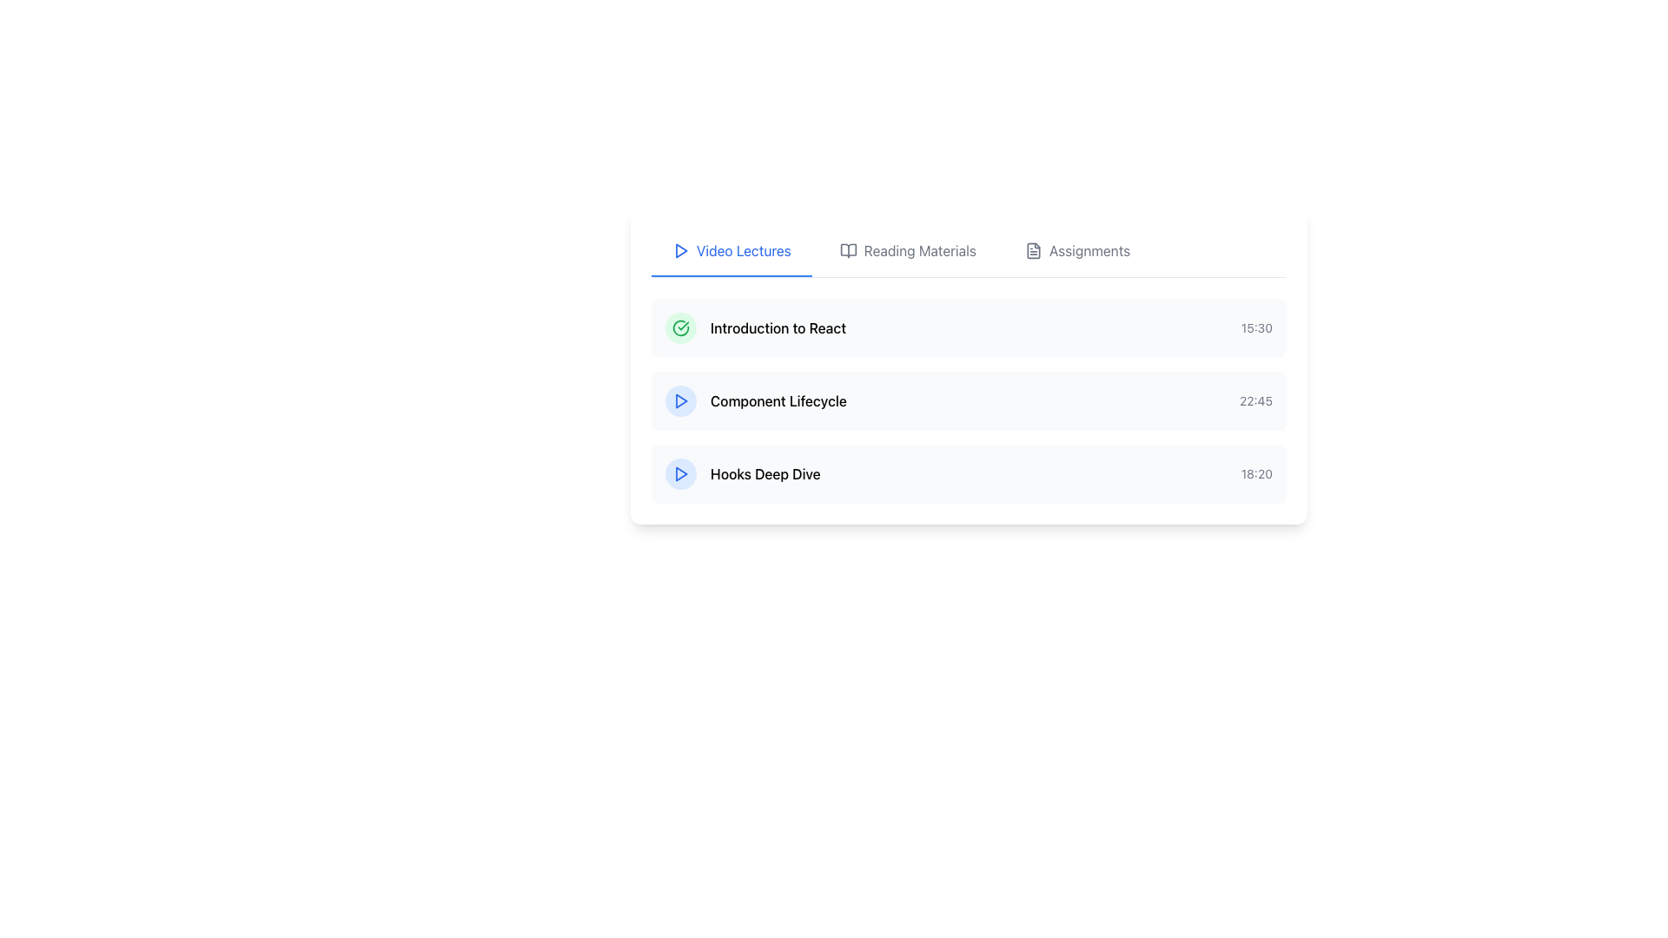  Describe the element at coordinates (1256, 328) in the screenshot. I see `the text label displaying the time '15:30', which is styled with a small font size and gray color, located in the top-right corner of the 'Introduction to React' item` at that location.